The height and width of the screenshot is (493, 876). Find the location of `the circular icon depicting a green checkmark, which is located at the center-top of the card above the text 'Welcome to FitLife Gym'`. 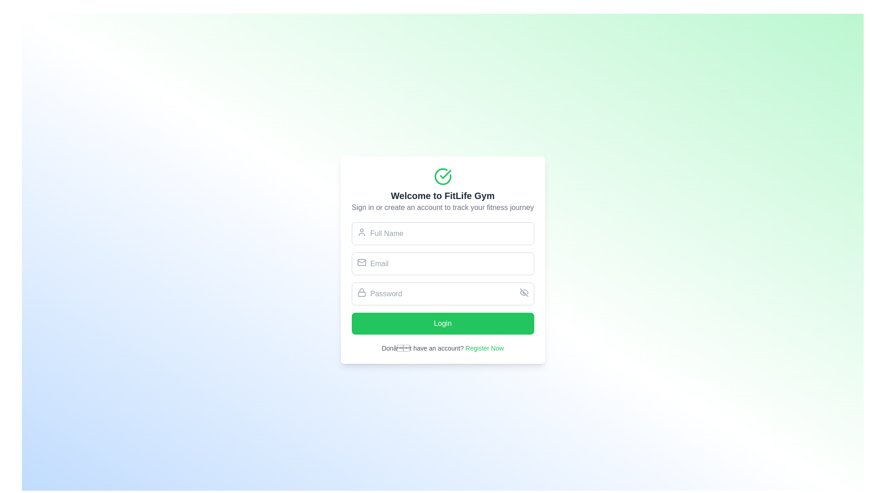

the circular icon depicting a green checkmark, which is located at the center-top of the card above the text 'Welcome to FitLife Gym' is located at coordinates (443, 176).